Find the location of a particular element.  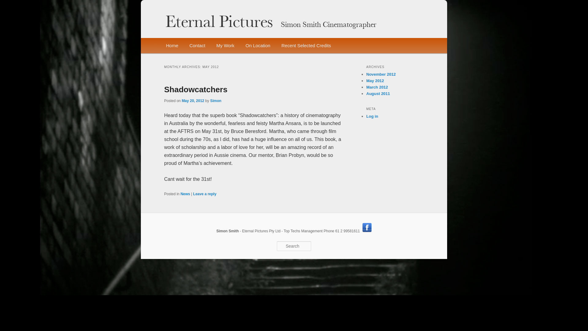

'Contact' is located at coordinates (197, 45).